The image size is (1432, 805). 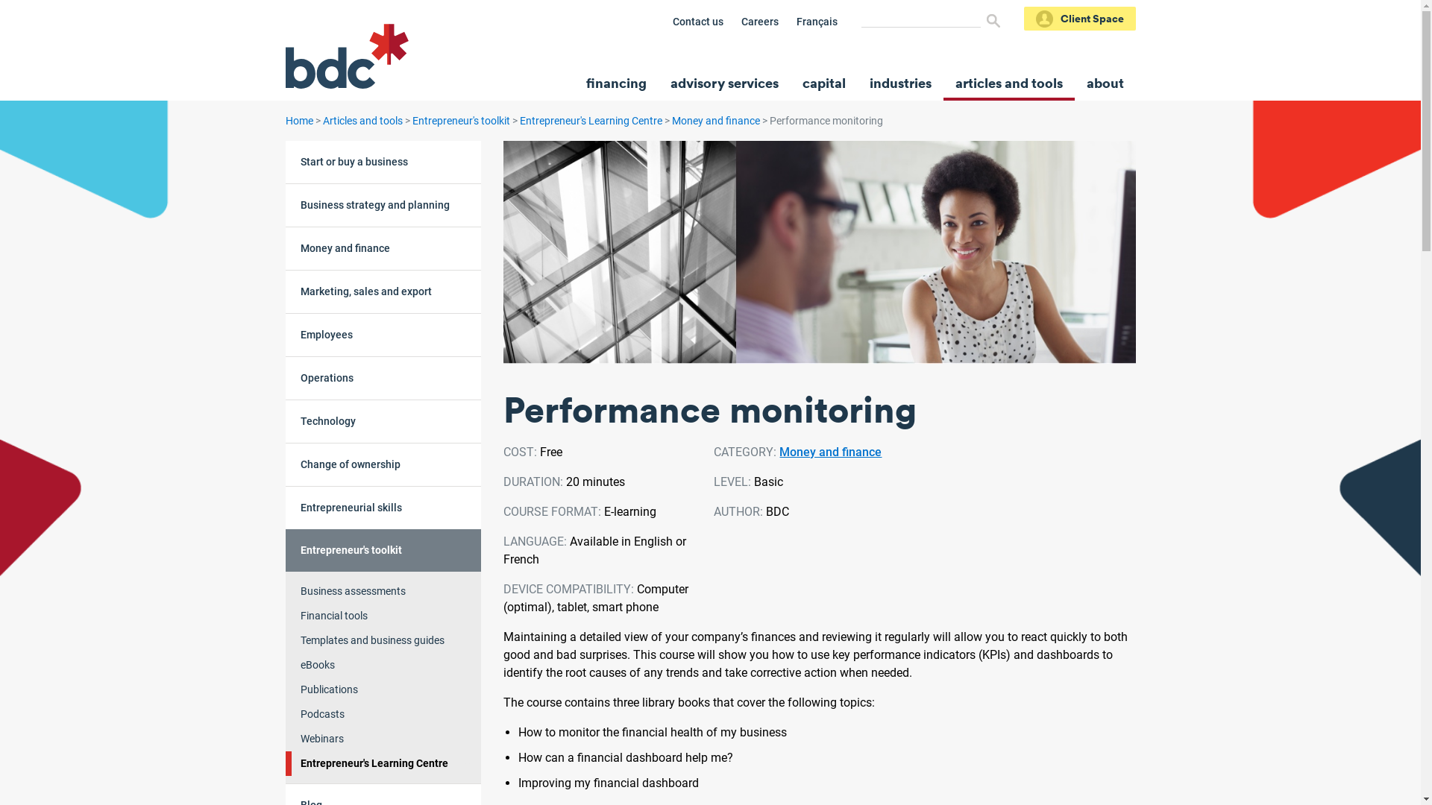 I want to click on 'Money and finance', so click(x=383, y=247).